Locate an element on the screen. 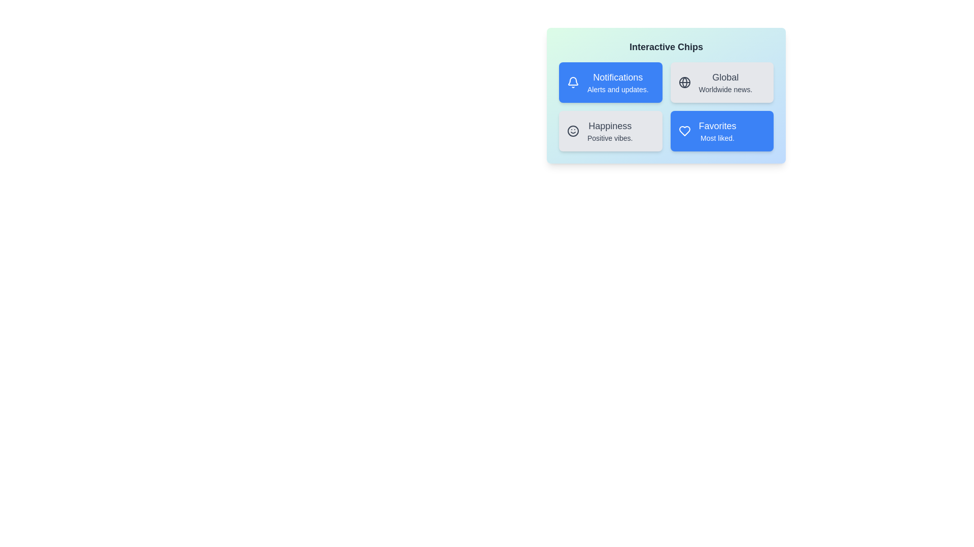 This screenshot has width=974, height=547. the chip labeled Notifications is located at coordinates (610, 82).